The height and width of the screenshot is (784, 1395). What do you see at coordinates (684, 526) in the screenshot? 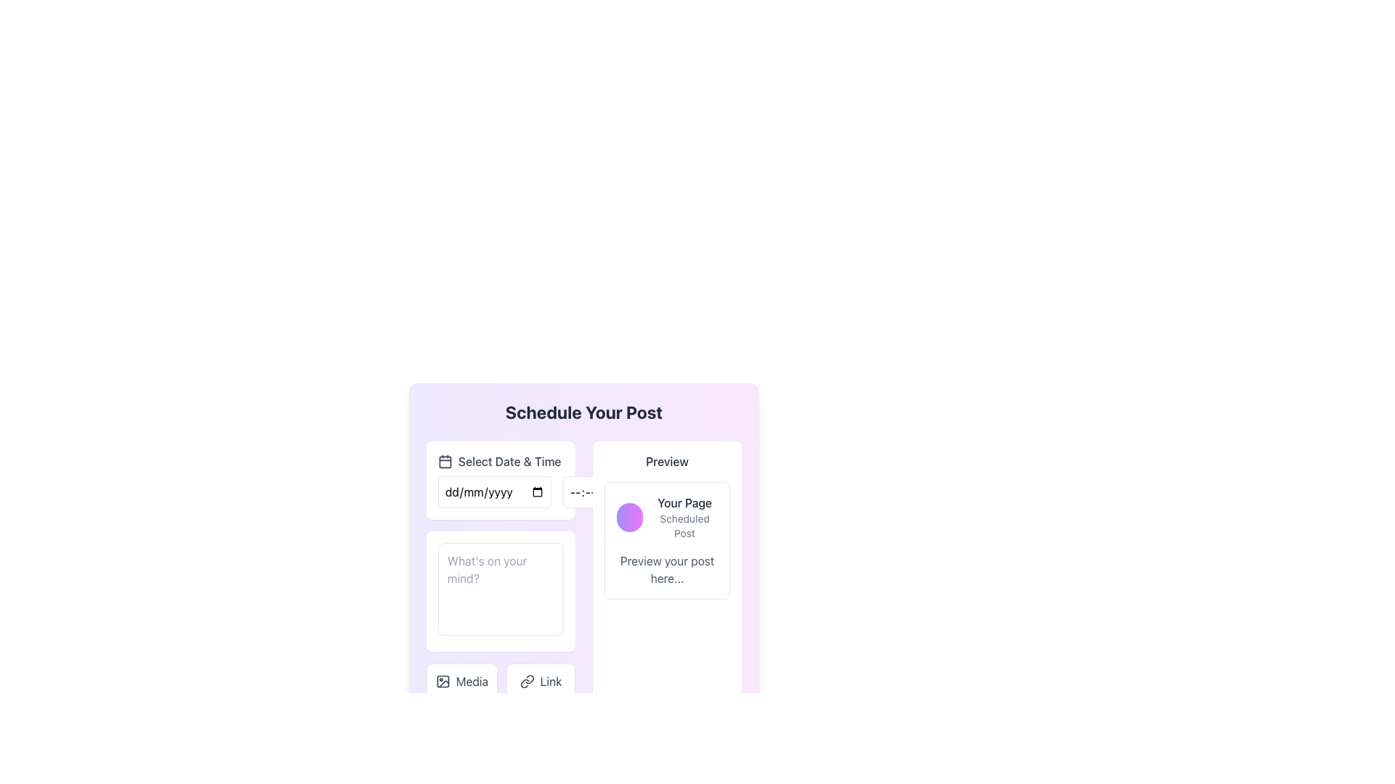
I see `the 'Scheduled Post' text label located in the 'Preview' section on the right side of the interface, beneath the title 'Your Page'` at bounding box center [684, 526].